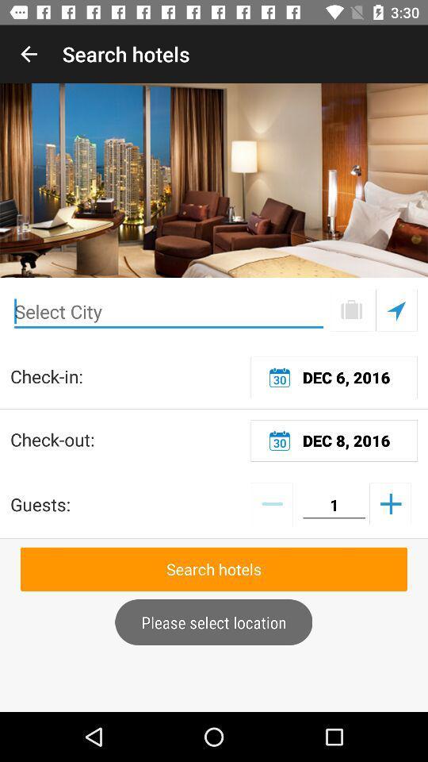 The width and height of the screenshot is (428, 762). I want to click on quentity plus option, so click(389, 502).